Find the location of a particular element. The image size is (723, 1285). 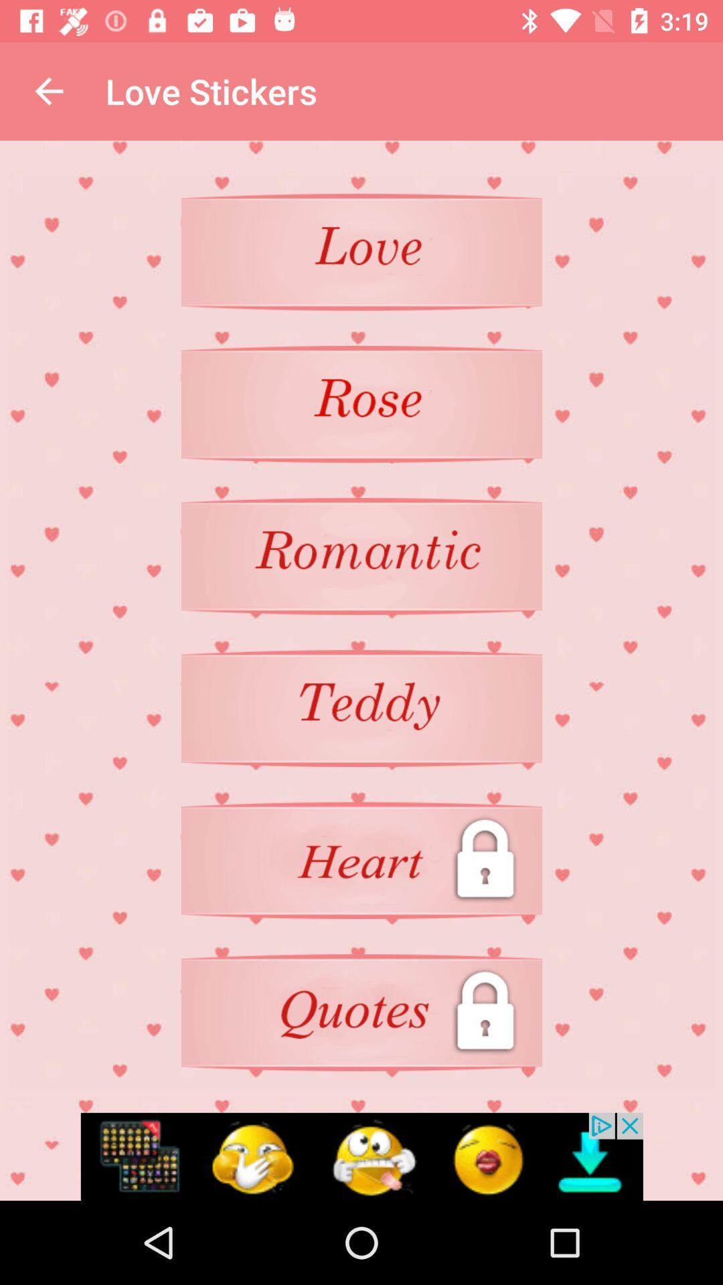

opens heart sticker is located at coordinates (361, 860).